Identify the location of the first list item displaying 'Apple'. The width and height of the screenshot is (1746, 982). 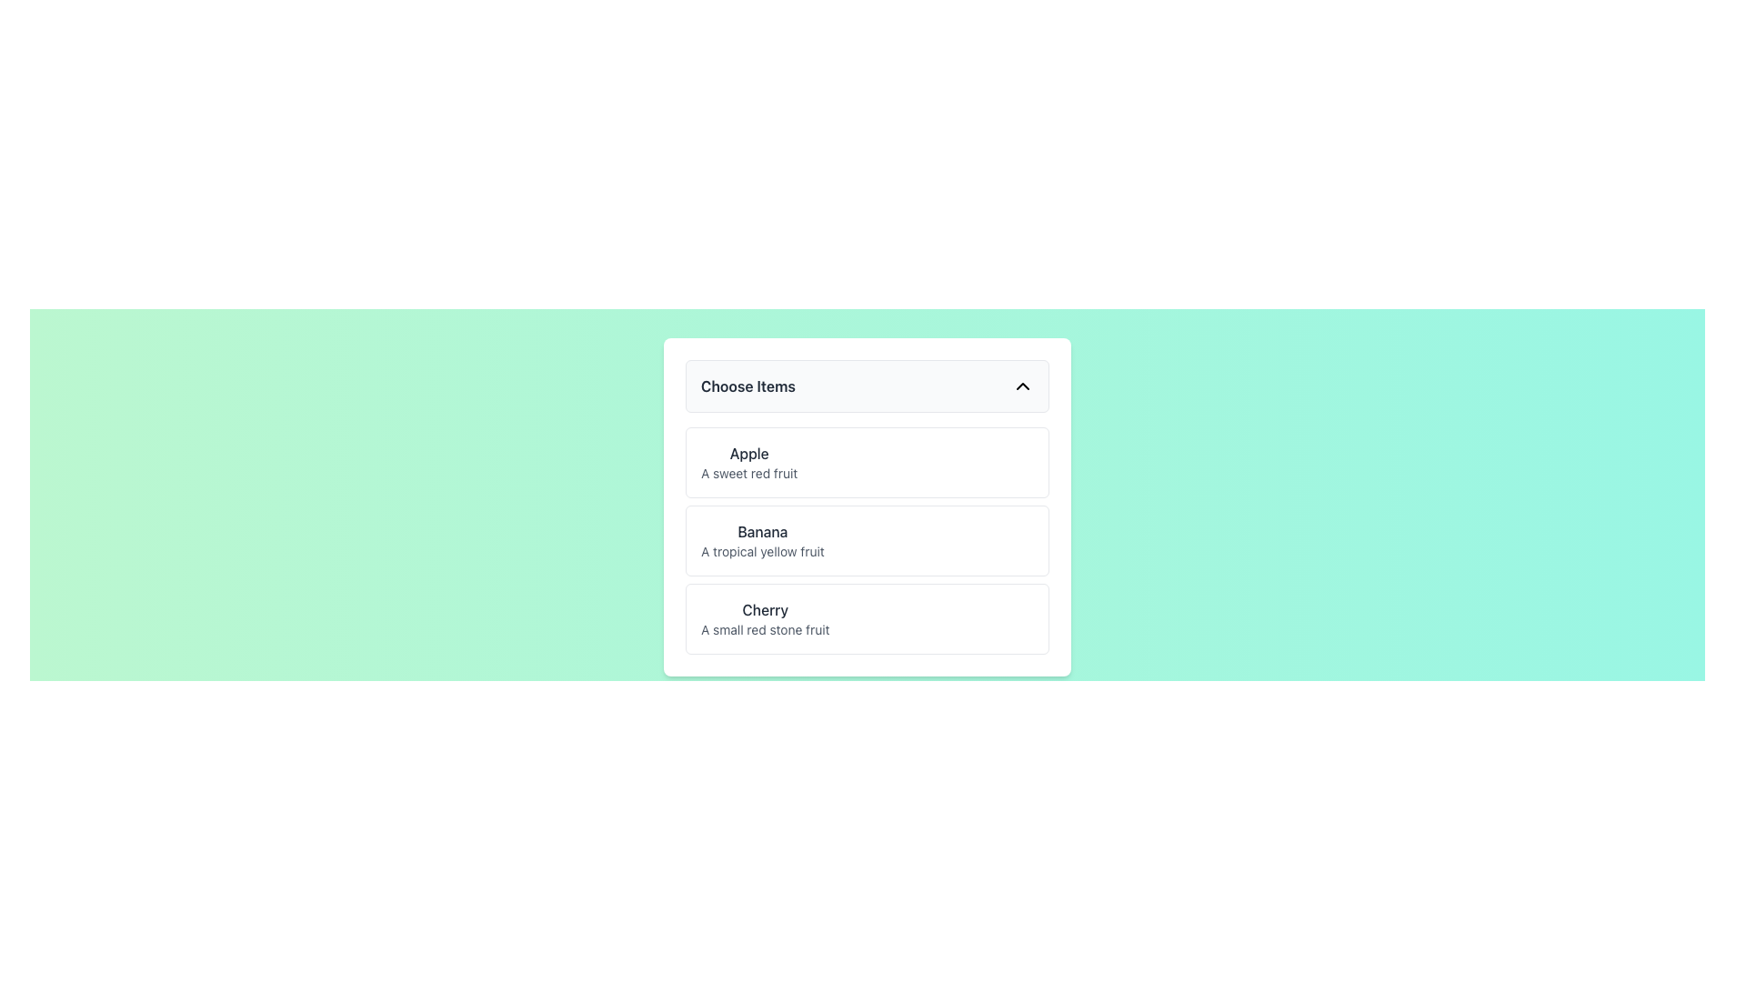
(867, 462).